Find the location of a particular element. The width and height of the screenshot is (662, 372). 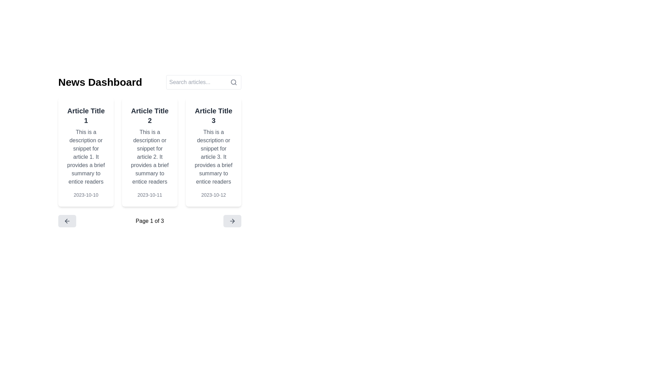

the arrow icon located in the bottom right corner of the interface, which is part of the pagination control and has a light gray background with rounded corners is located at coordinates (232, 221).